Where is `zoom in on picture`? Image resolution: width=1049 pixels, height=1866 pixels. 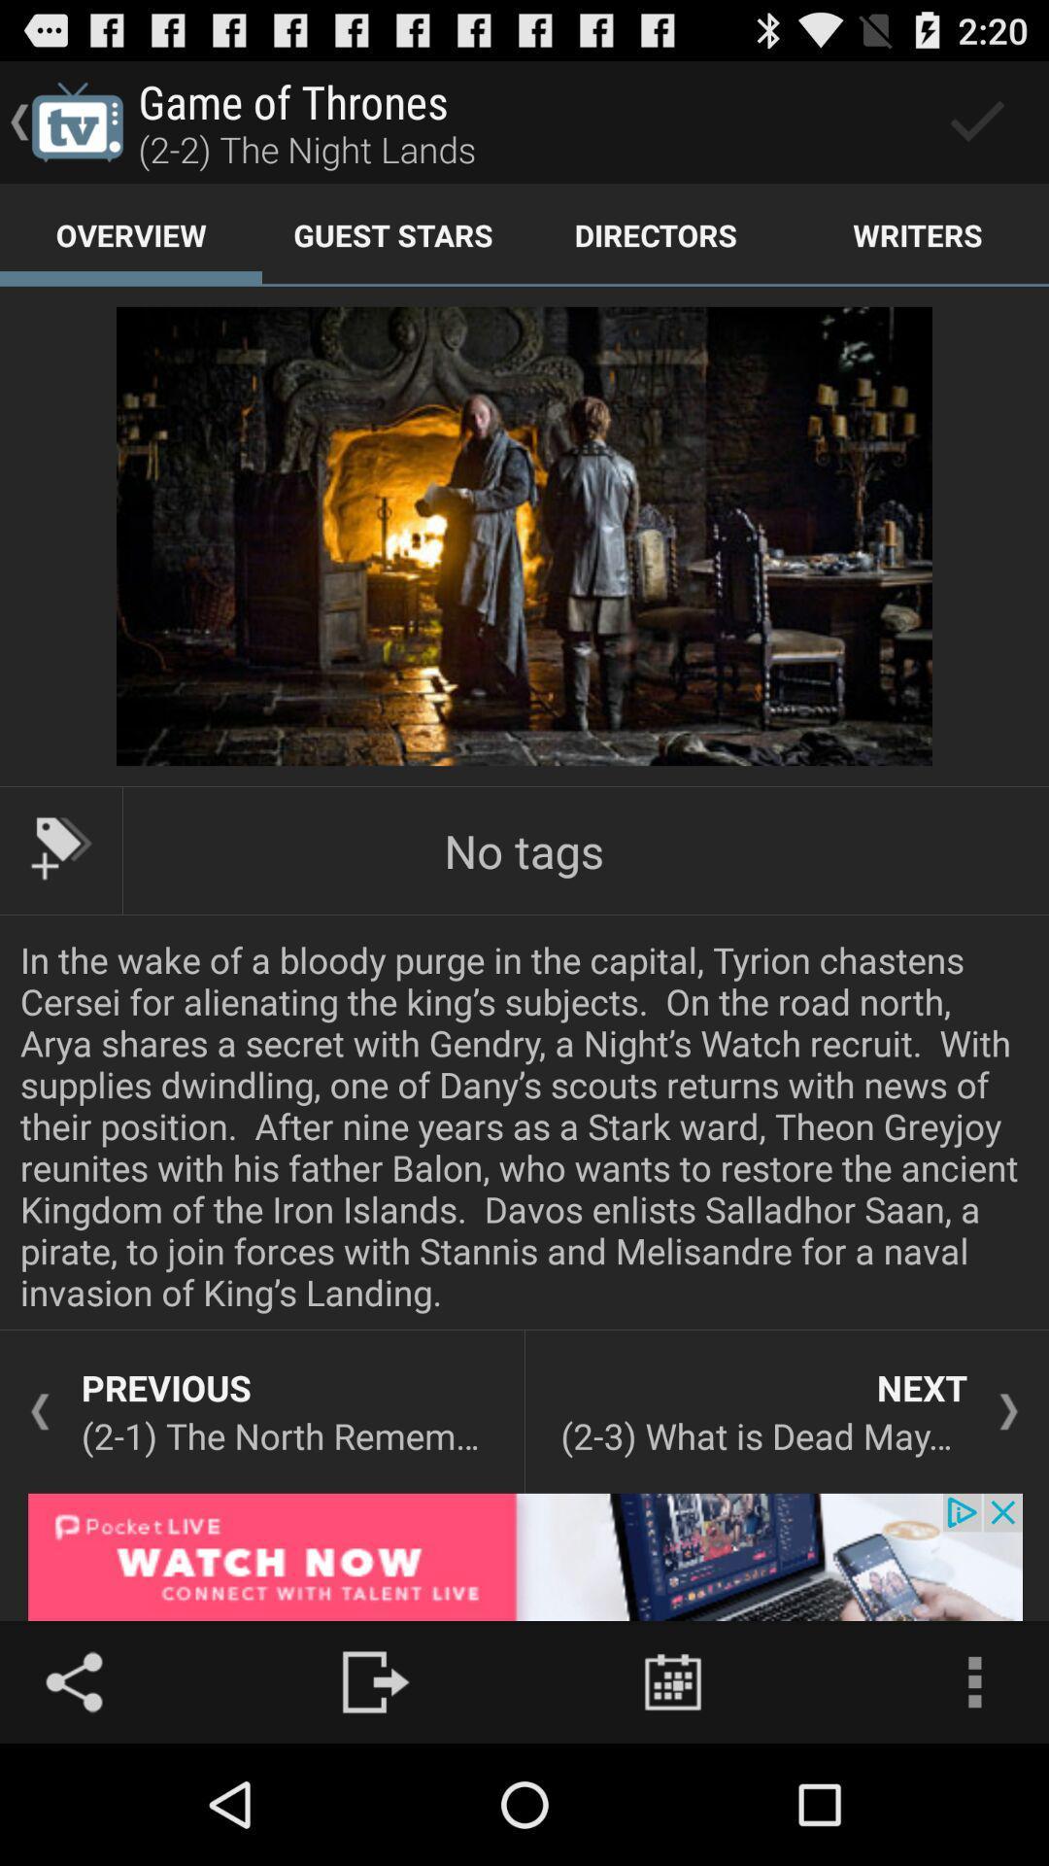
zoom in on picture is located at coordinates (524, 536).